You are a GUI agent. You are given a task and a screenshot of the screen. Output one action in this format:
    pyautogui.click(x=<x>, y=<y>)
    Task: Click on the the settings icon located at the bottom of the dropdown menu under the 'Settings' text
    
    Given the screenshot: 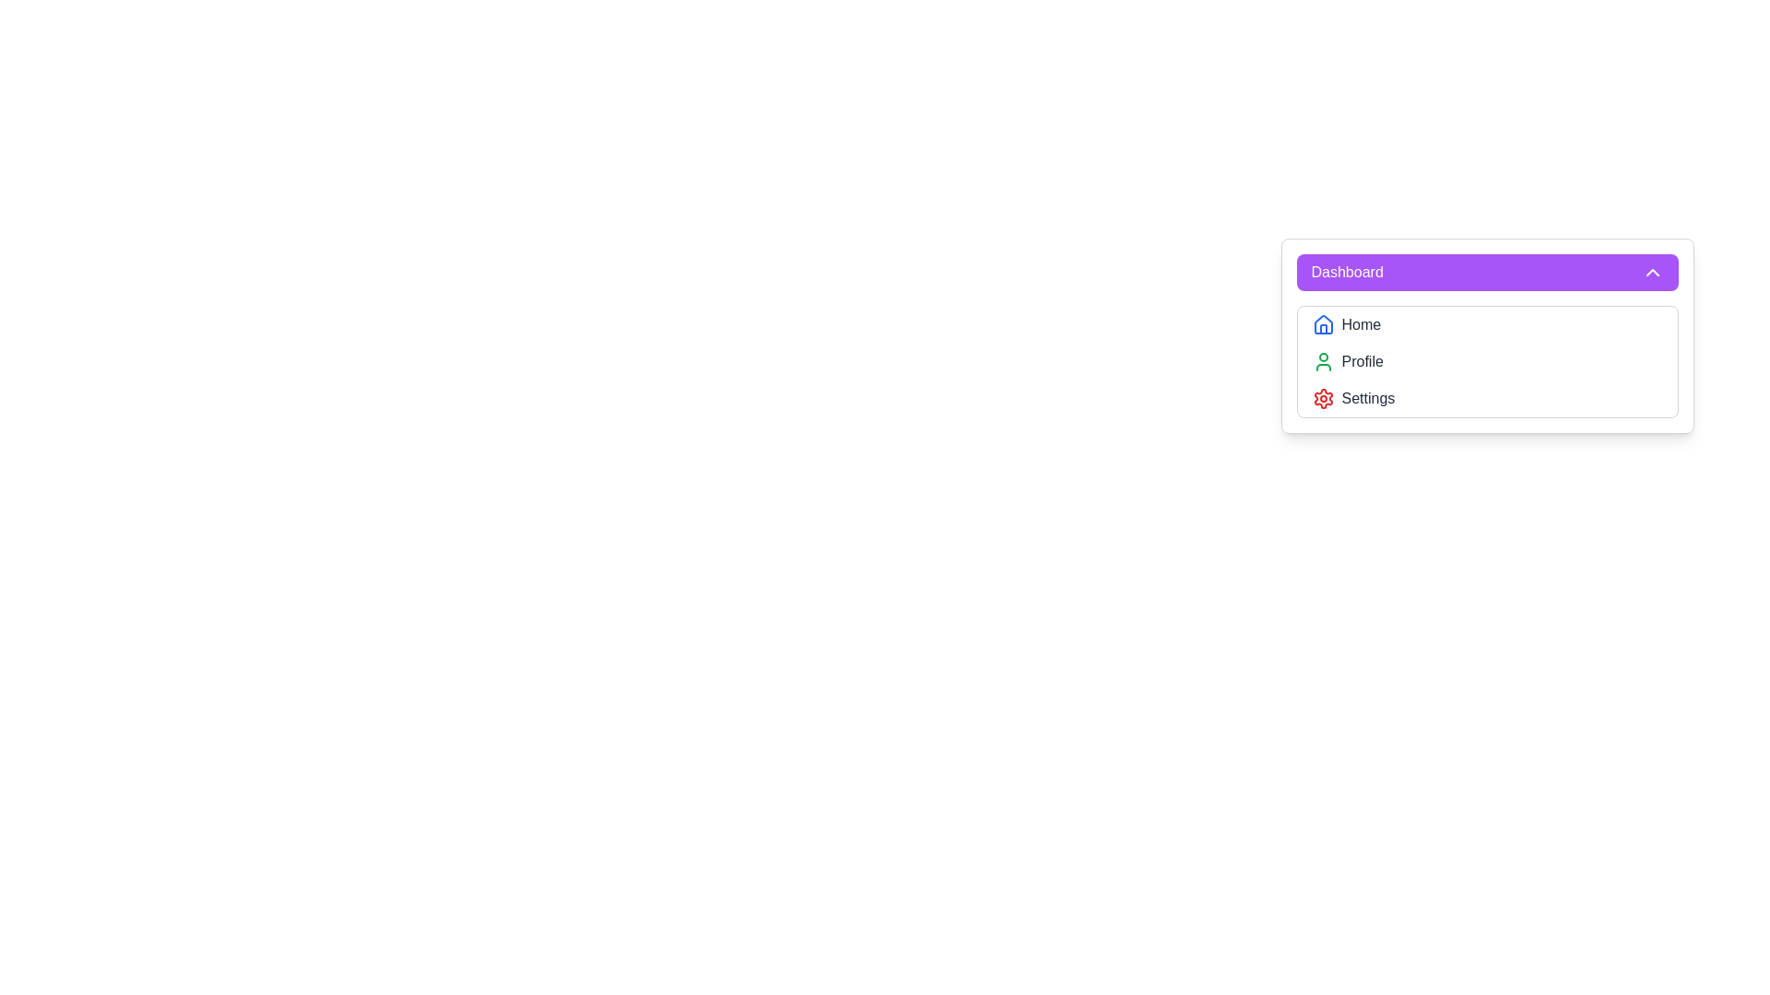 What is the action you would take?
    pyautogui.click(x=1322, y=397)
    